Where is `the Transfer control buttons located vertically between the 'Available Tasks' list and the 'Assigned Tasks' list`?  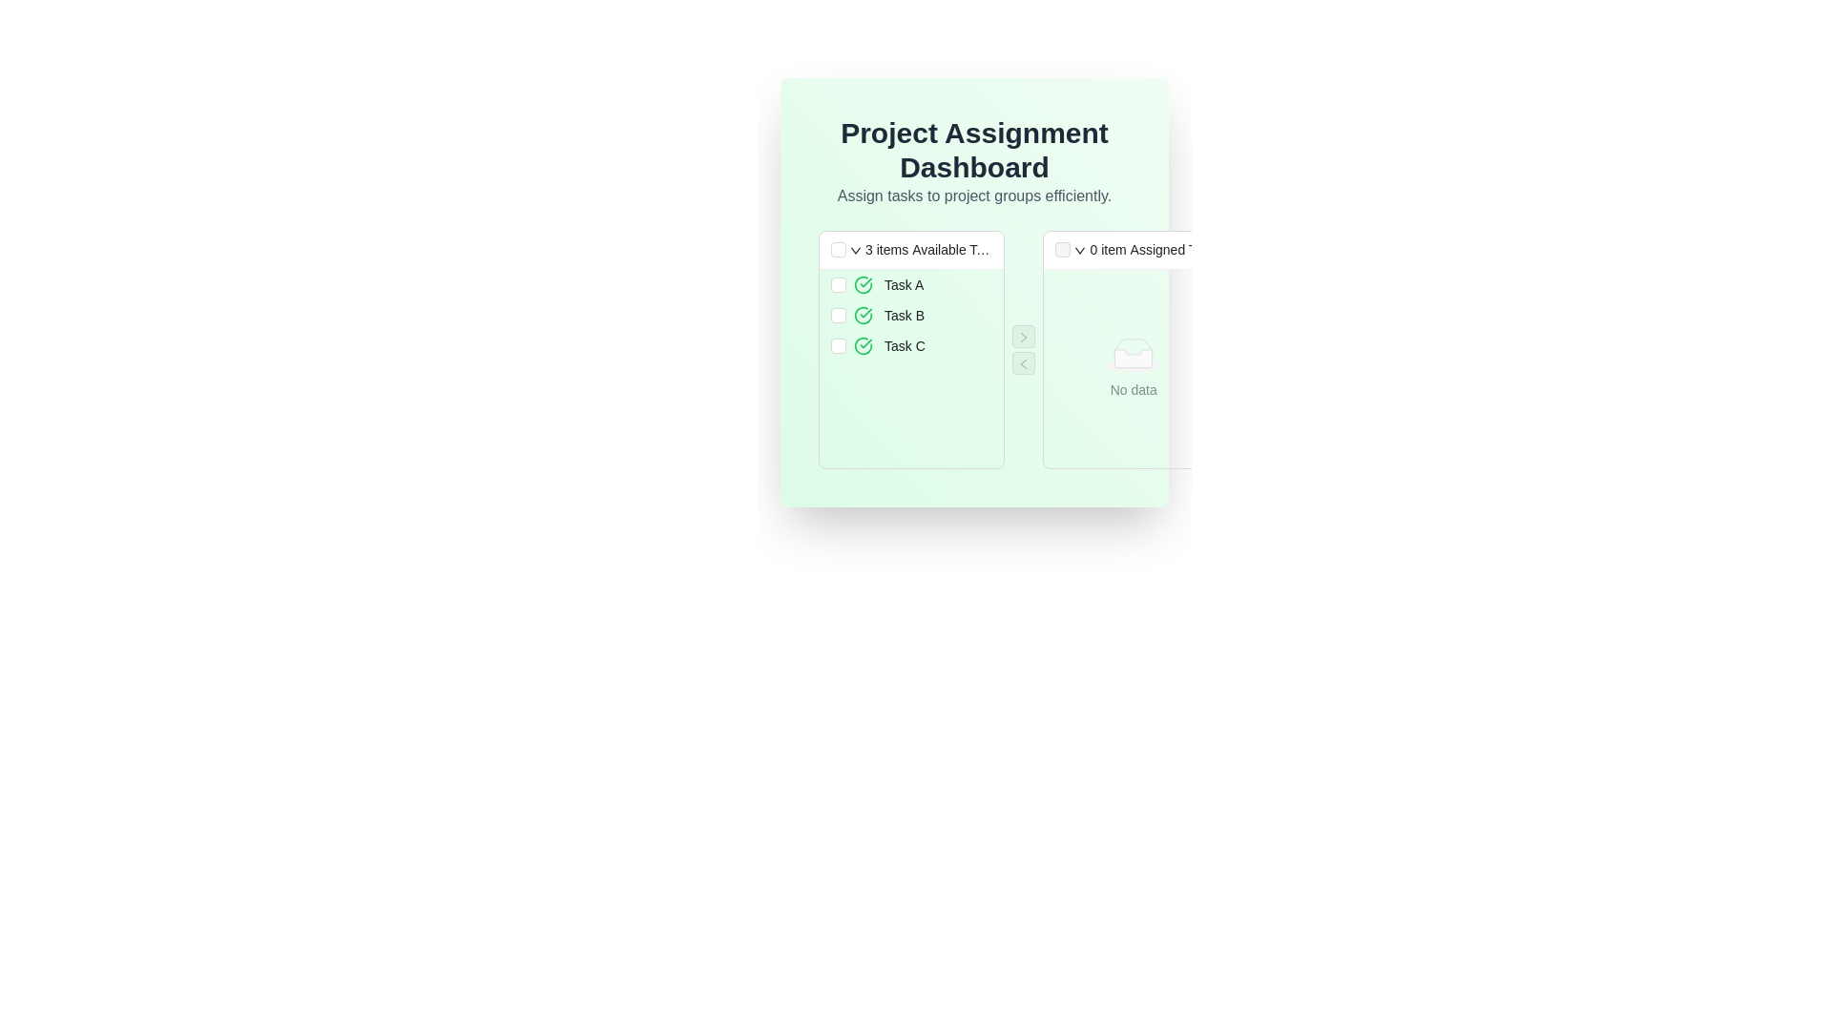
the Transfer control buttons located vertically between the 'Available Tasks' list and the 'Assigned Tasks' list is located at coordinates (1023, 349).